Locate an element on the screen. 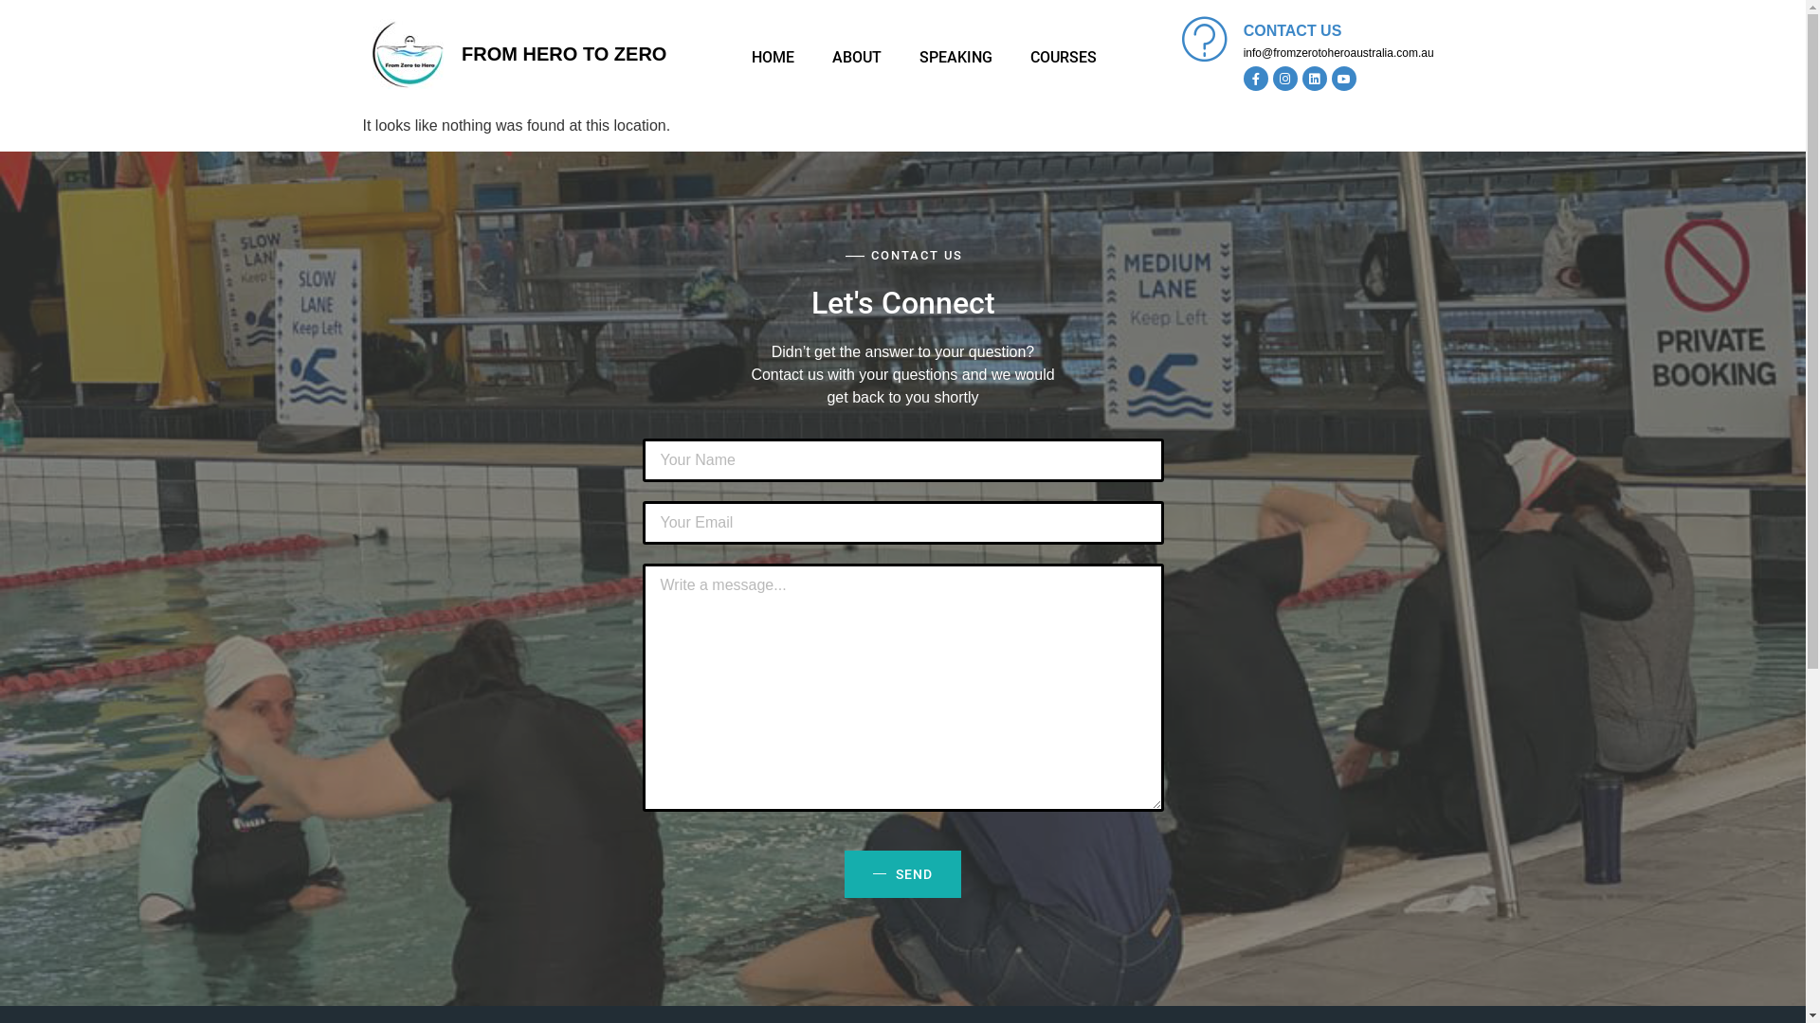  'ABOUT' is located at coordinates (813, 57).